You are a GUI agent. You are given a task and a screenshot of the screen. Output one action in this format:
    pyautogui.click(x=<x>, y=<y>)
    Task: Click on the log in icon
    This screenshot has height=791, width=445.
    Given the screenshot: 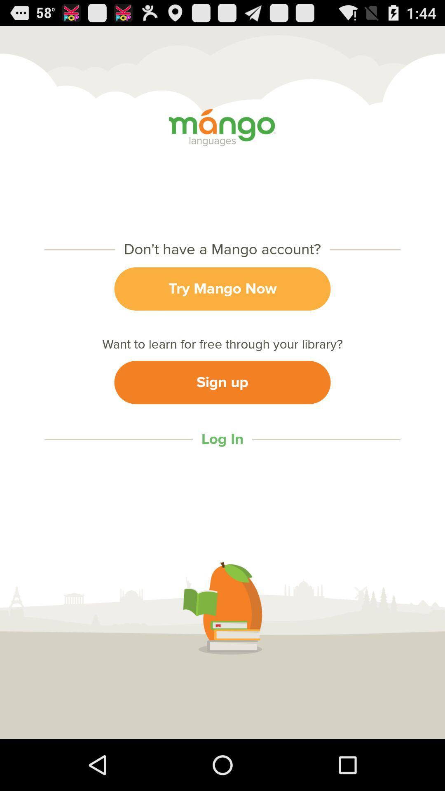 What is the action you would take?
    pyautogui.click(x=222, y=439)
    